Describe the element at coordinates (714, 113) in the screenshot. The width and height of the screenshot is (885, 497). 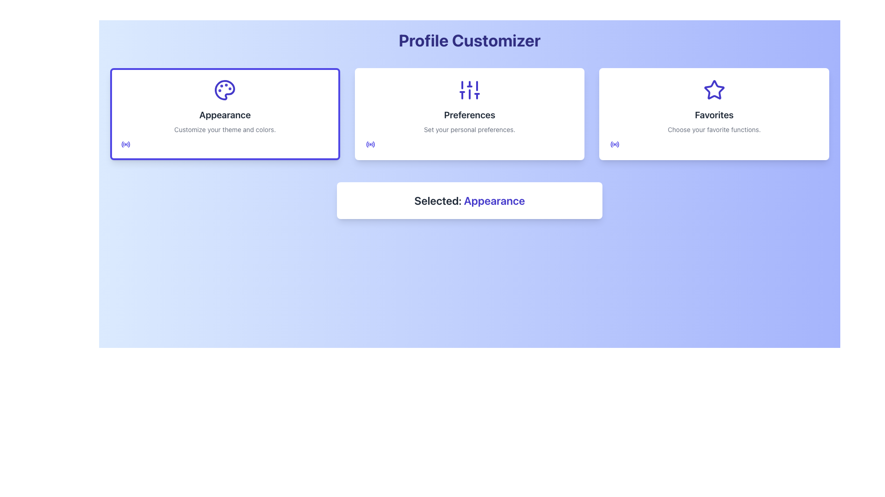
I see `the card element with a white background and a purple outlined star icon at the top, labeled 'Favorites' with the description 'Choose your favorite functions.'` at that location.